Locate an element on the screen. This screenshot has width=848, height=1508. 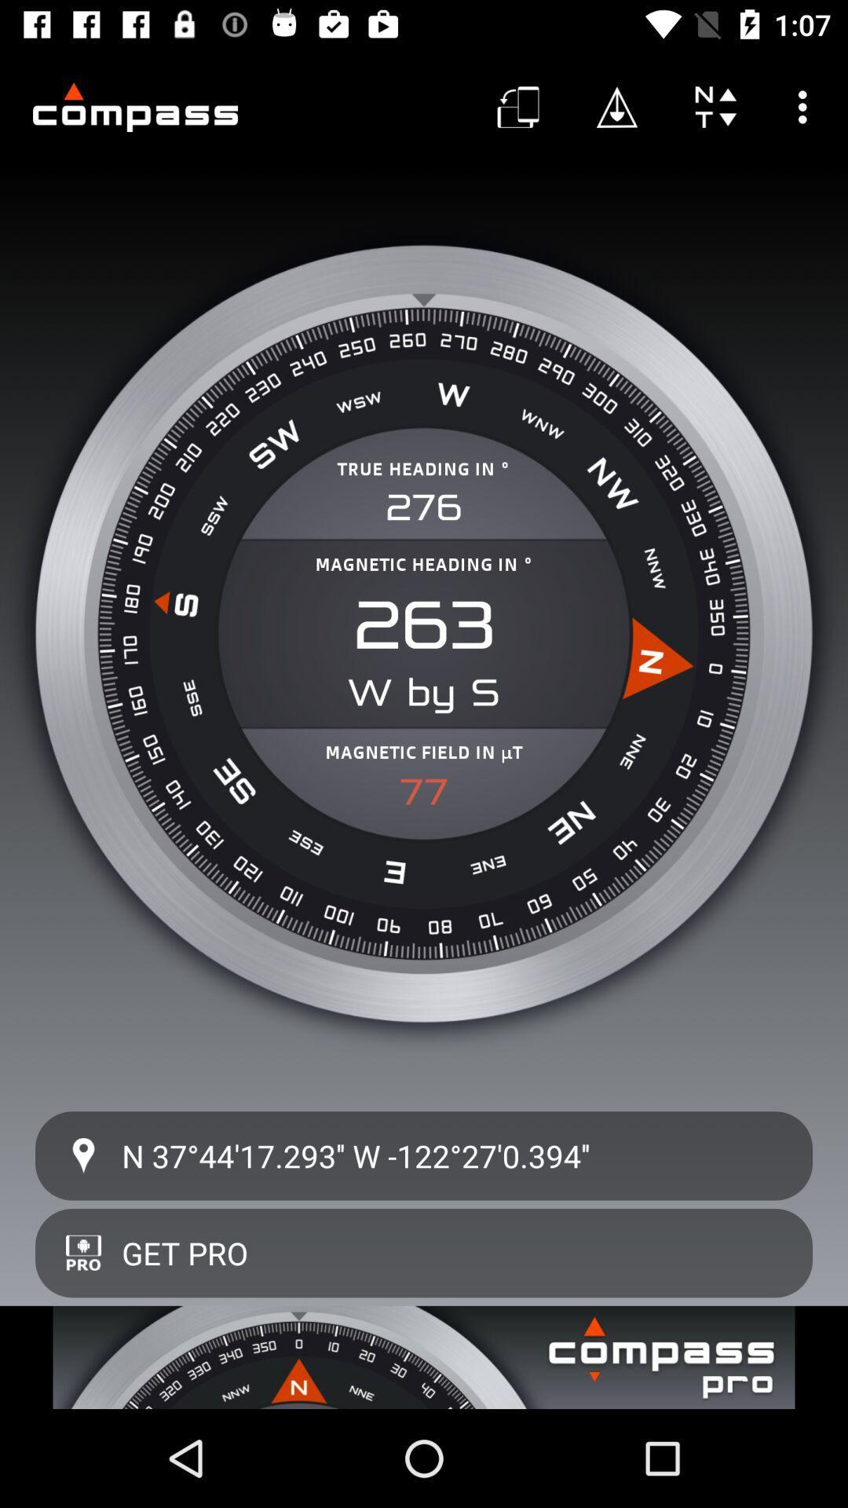
compass pro is located at coordinates (424, 1356).